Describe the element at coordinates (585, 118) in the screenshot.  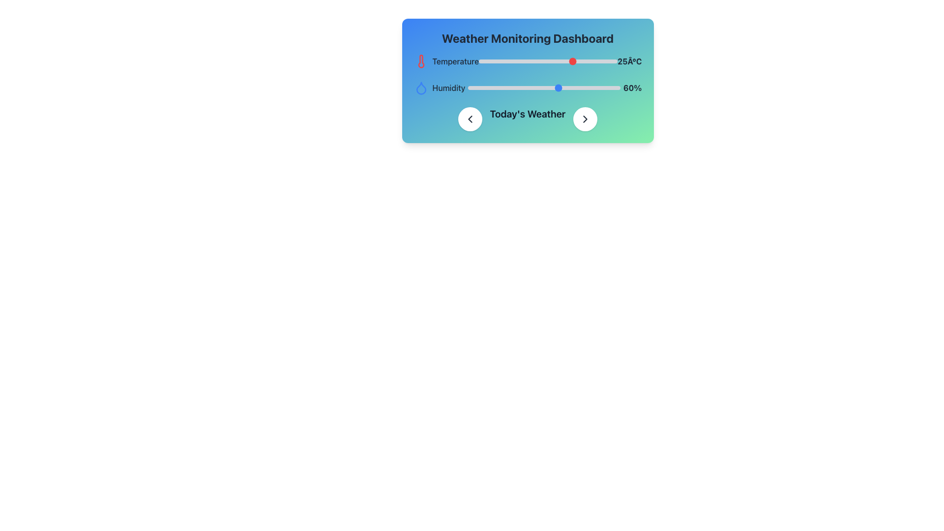
I see `the circular button with a right-facing chevron icon, which is the rightmost interactive button located next to 'Today's Weather'` at that location.